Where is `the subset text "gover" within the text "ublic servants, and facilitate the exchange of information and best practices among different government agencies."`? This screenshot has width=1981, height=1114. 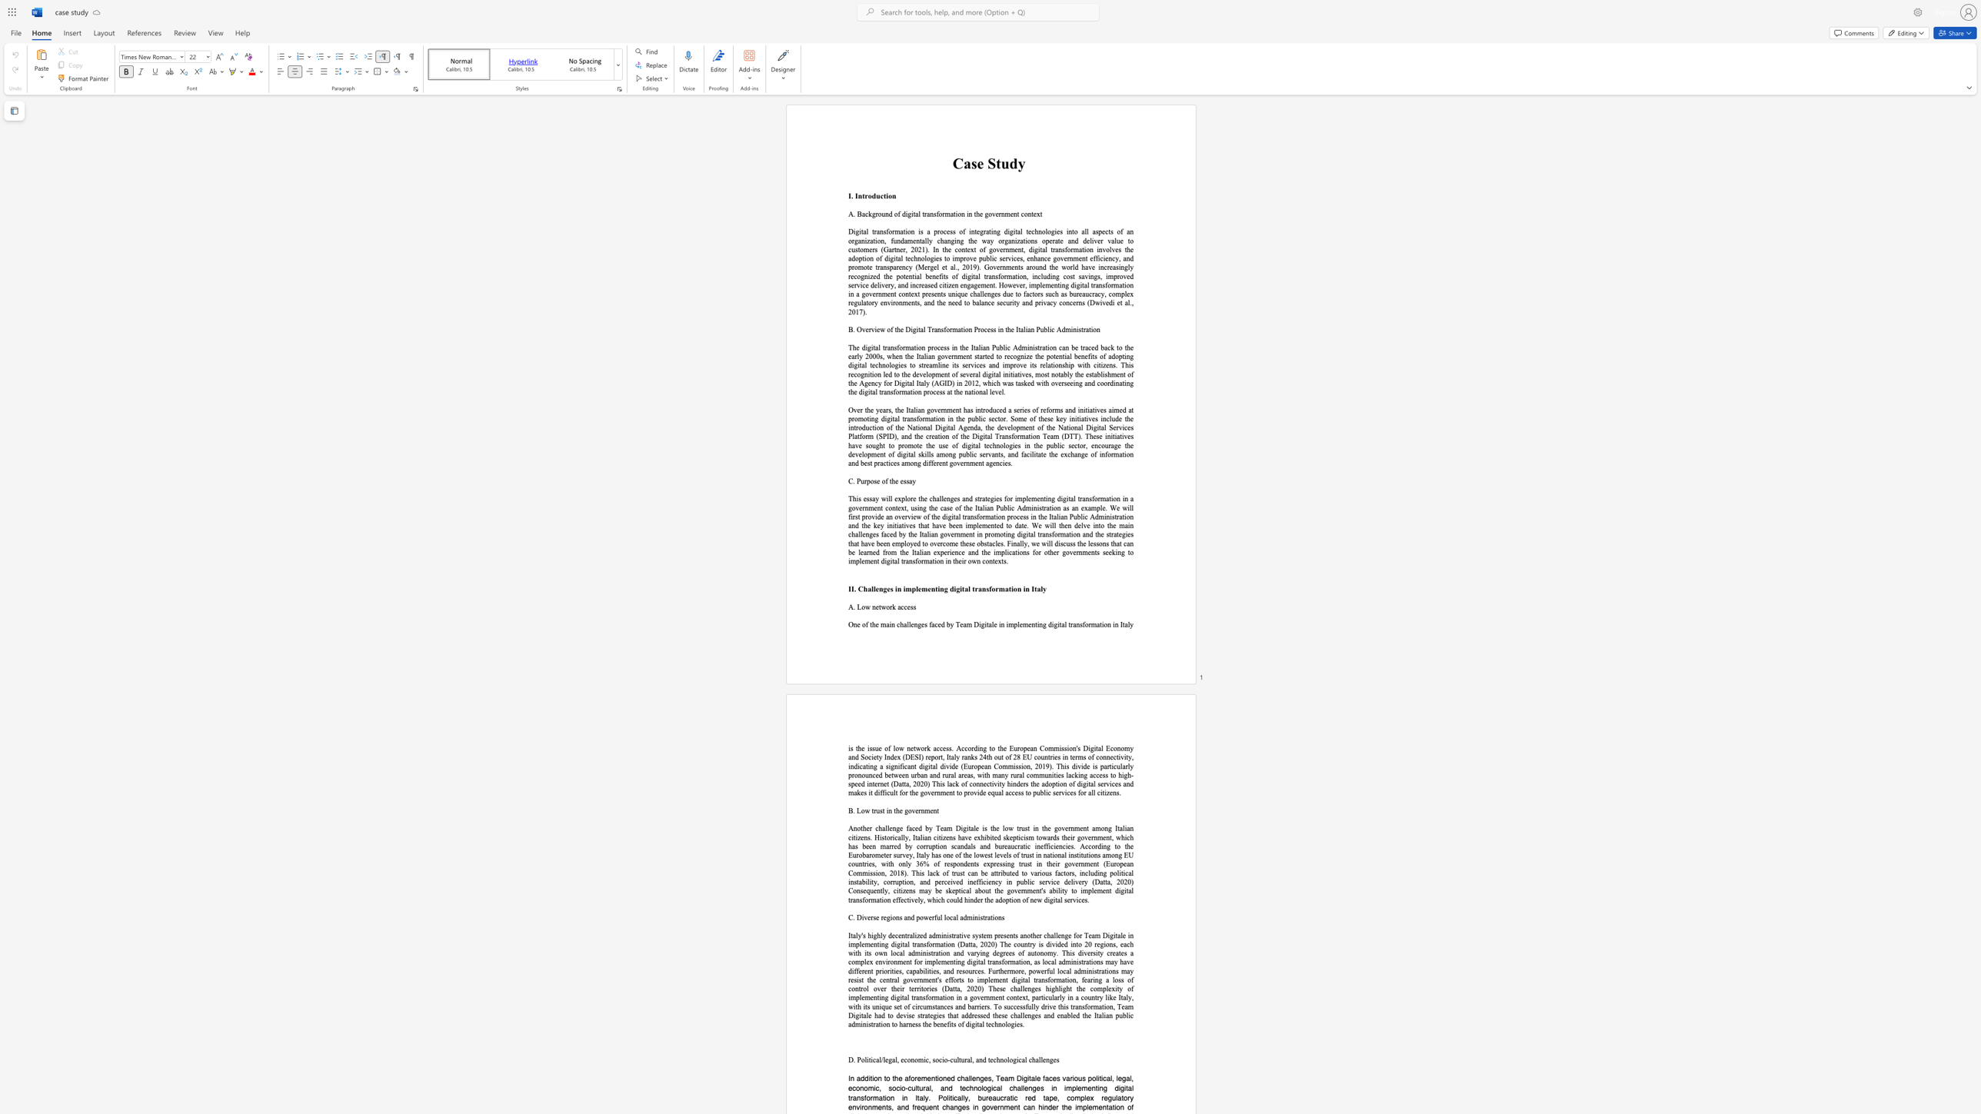 the subset text "gover" within the text "ublic servants, and facilitate the exchange of information and best practices among different government agencies." is located at coordinates (949, 463).